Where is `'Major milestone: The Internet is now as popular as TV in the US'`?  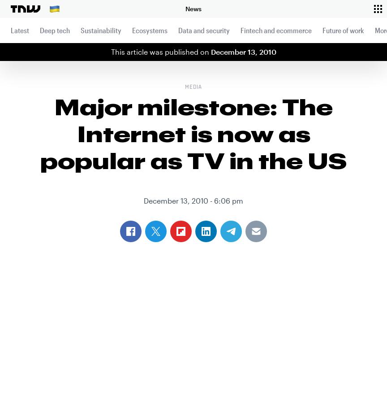 'Major milestone: The Internet is now as popular as TV in the US' is located at coordinates (193, 133).